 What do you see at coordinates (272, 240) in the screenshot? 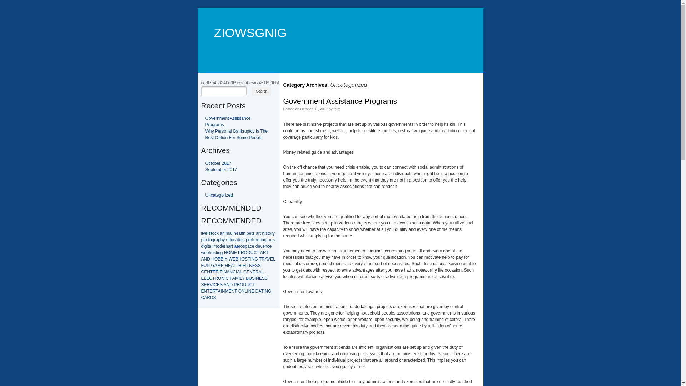
I see `'t'` at bounding box center [272, 240].